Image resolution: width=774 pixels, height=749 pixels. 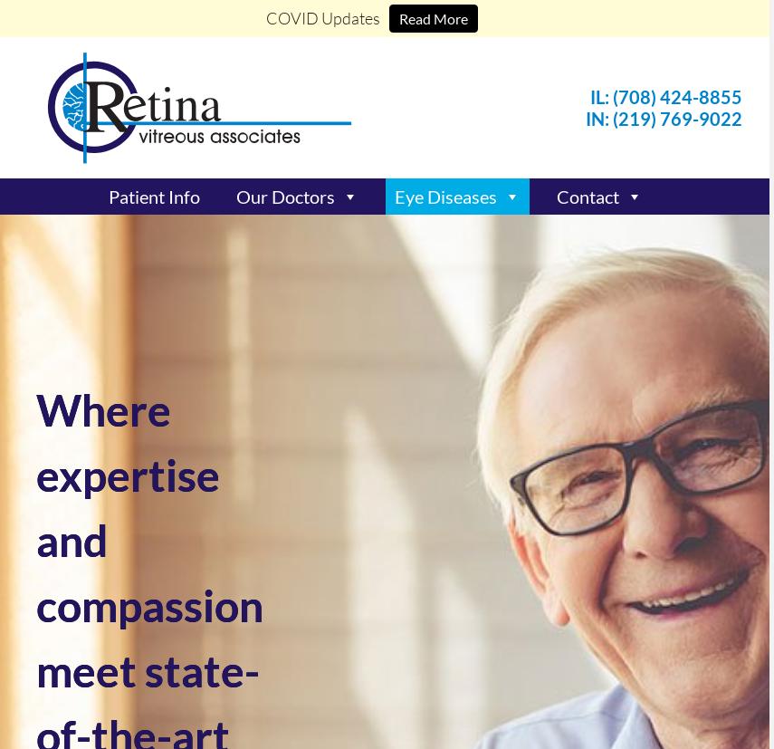 What do you see at coordinates (495, 492) in the screenshot?
I see `'Retinal Vein & Artery Occlusions'` at bounding box center [495, 492].